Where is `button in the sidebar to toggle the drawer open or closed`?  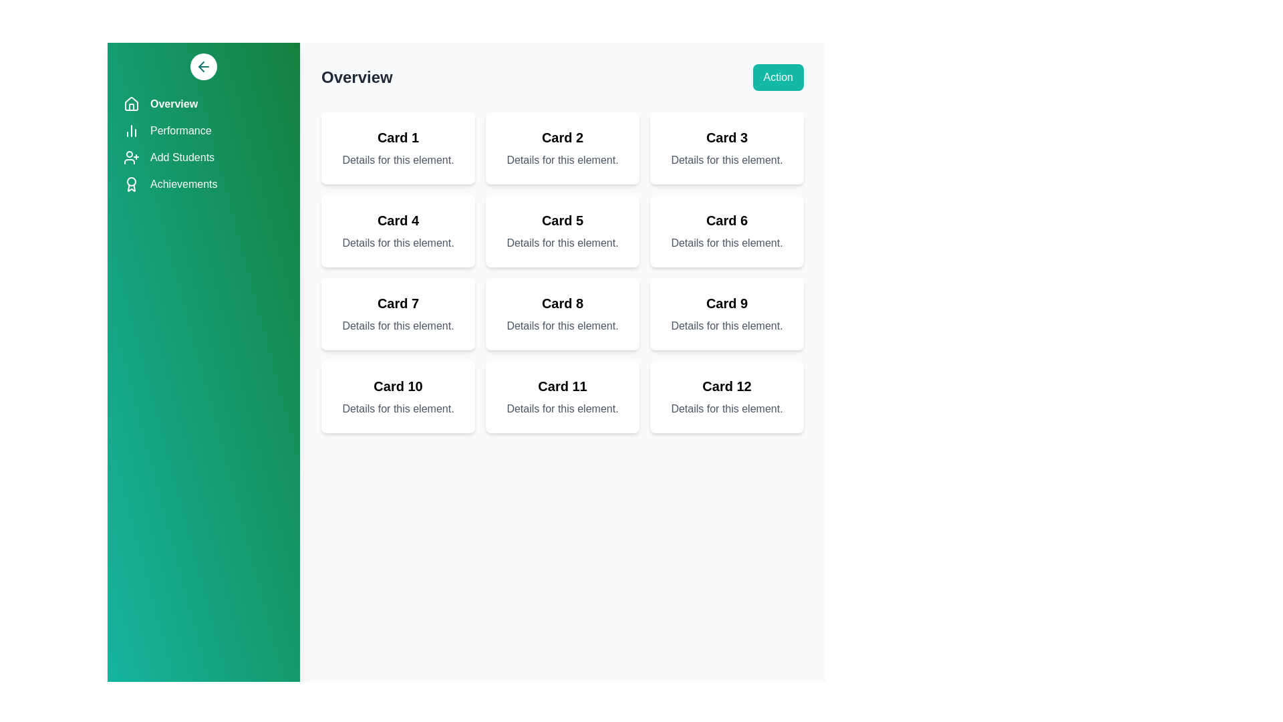 button in the sidebar to toggle the drawer open or closed is located at coordinates (203, 67).